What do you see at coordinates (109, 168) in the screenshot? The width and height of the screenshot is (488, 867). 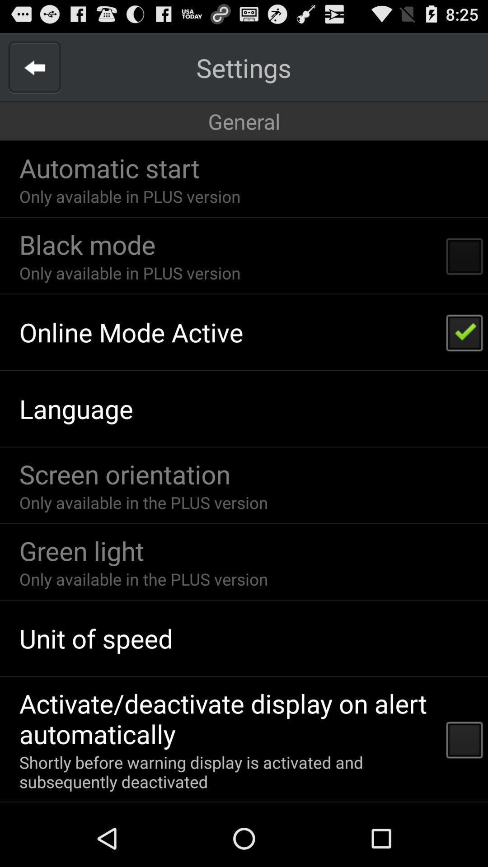 I see `the automatic start` at bounding box center [109, 168].